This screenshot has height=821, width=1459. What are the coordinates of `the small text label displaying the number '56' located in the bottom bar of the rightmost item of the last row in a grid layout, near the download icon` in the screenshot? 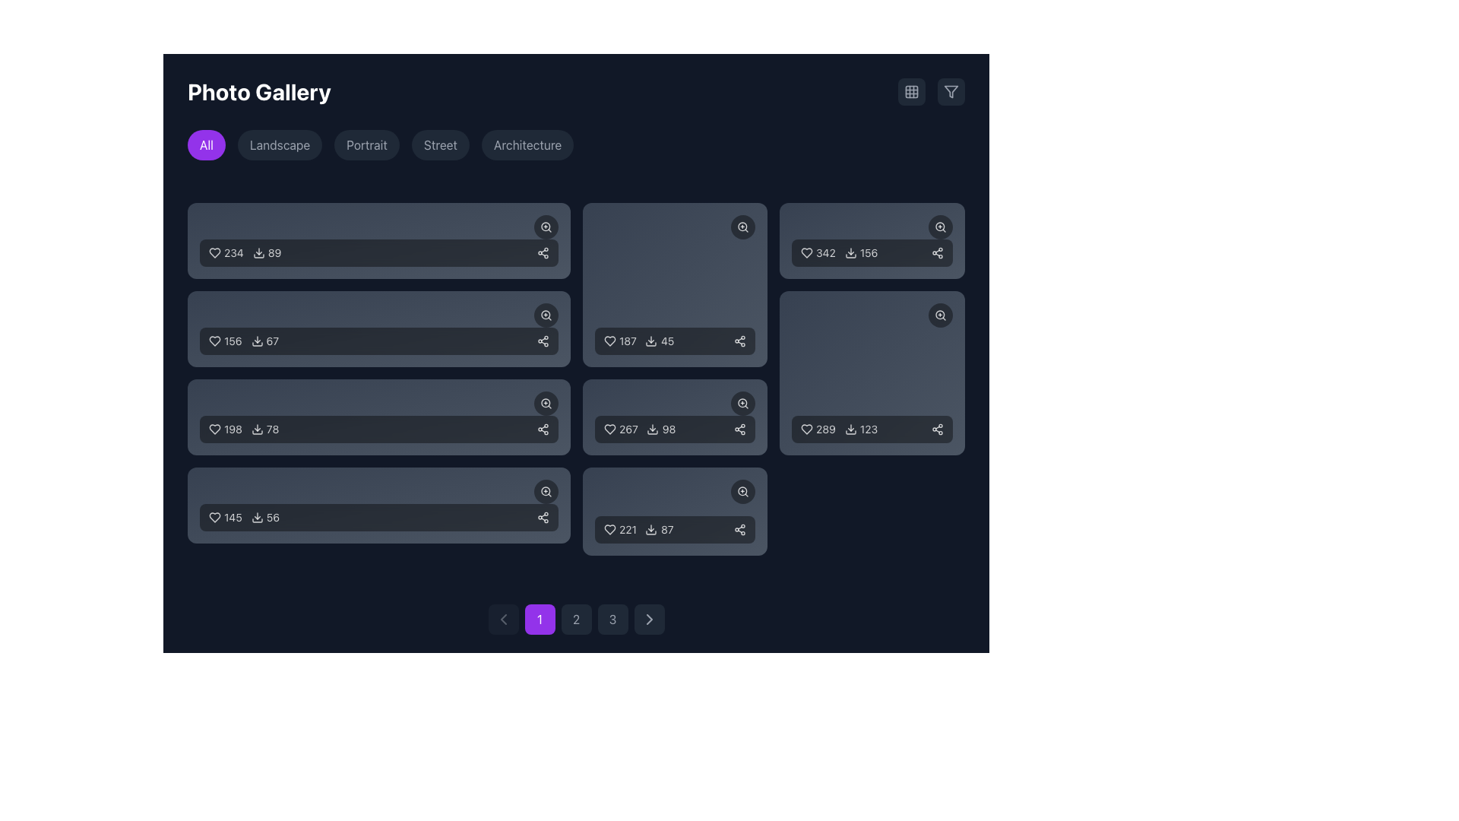 It's located at (273, 517).